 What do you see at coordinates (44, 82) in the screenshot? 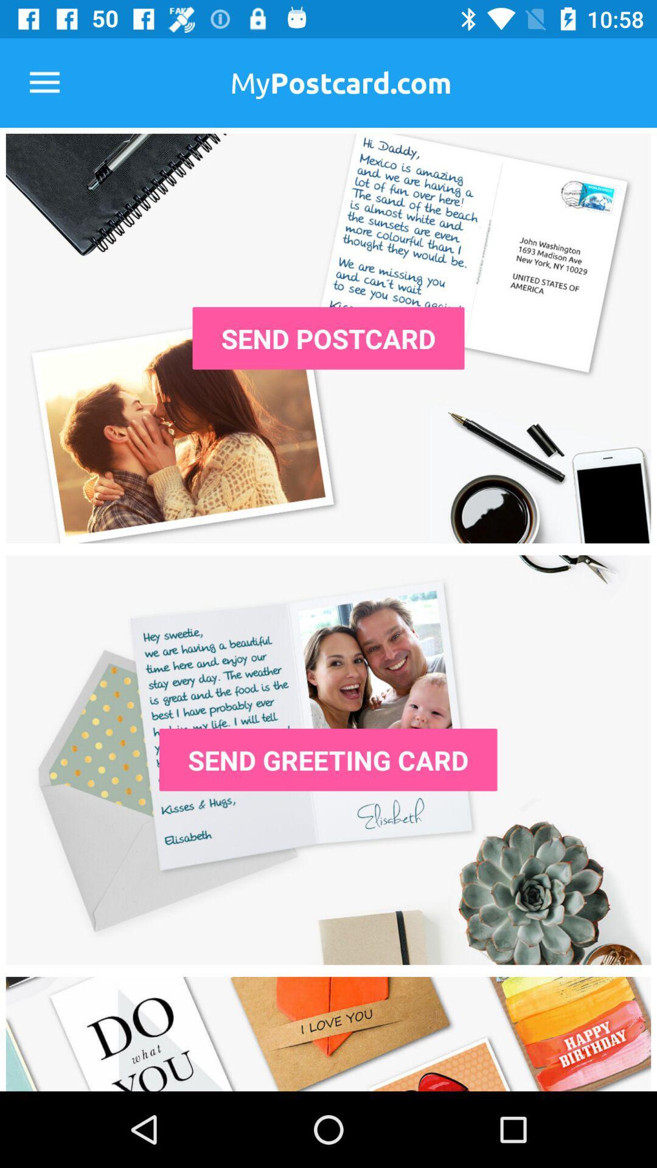
I see `the icon next to the mypostcard.com icon` at bounding box center [44, 82].